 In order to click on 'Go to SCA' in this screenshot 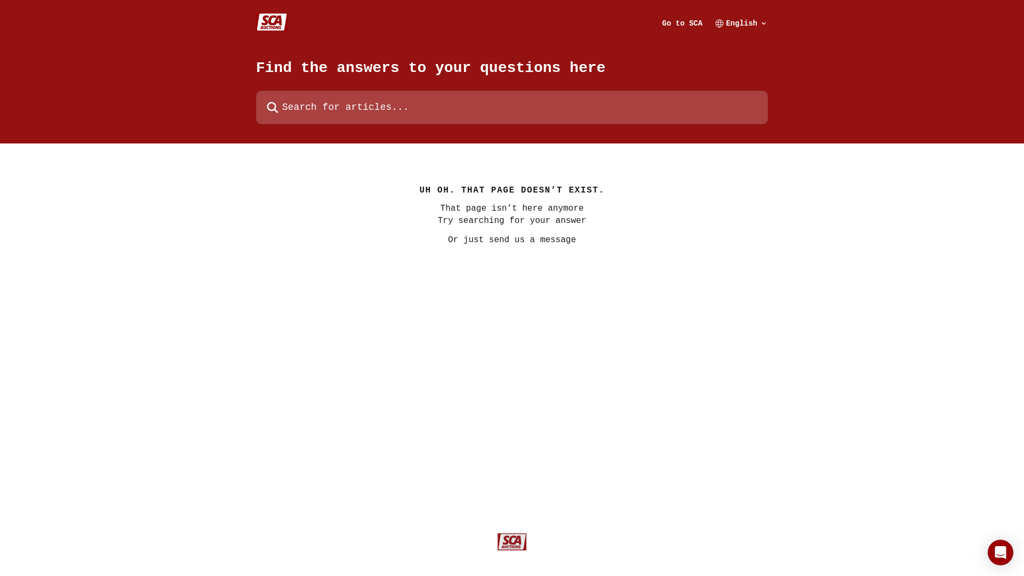, I will do `click(683, 22)`.